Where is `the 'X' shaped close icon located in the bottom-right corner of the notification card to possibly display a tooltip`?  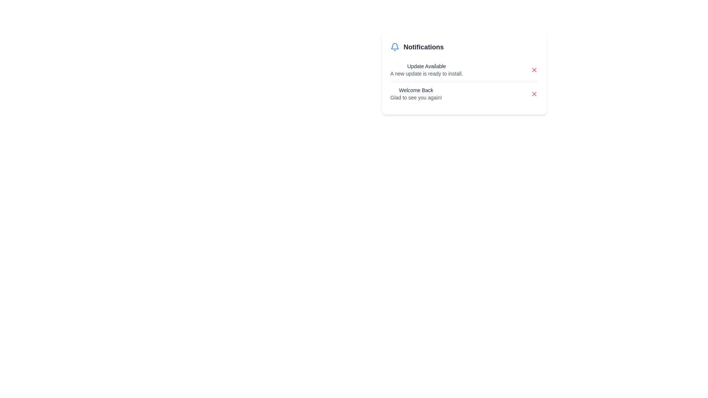 the 'X' shaped close icon located in the bottom-right corner of the notification card to possibly display a tooltip is located at coordinates (534, 93).